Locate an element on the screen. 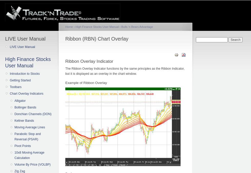  'Donchian Channels (DON)' is located at coordinates (14, 114).